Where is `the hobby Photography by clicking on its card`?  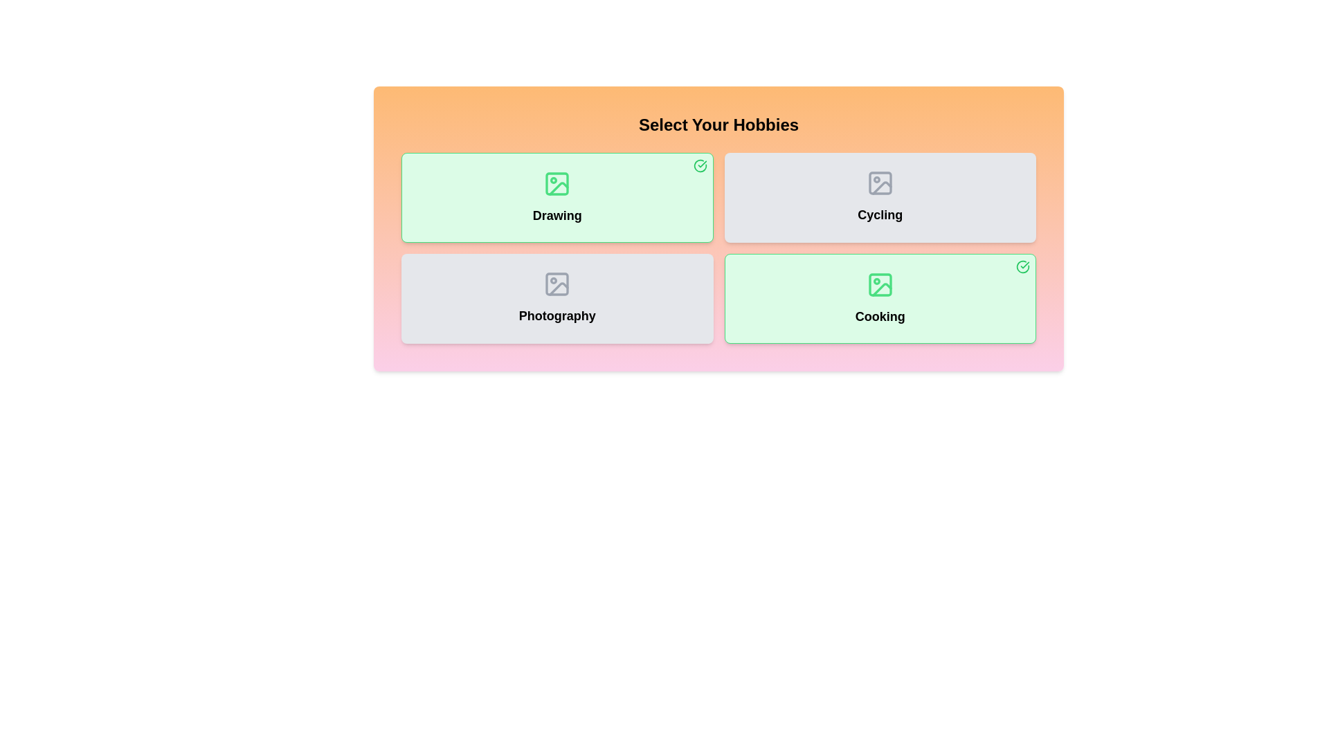 the hobby Photography by clicking on its card is located at coordinates (557, 298).